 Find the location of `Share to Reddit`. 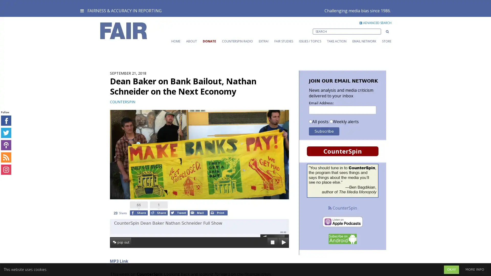

Share to Reddit is located at coordinates (158, 205).